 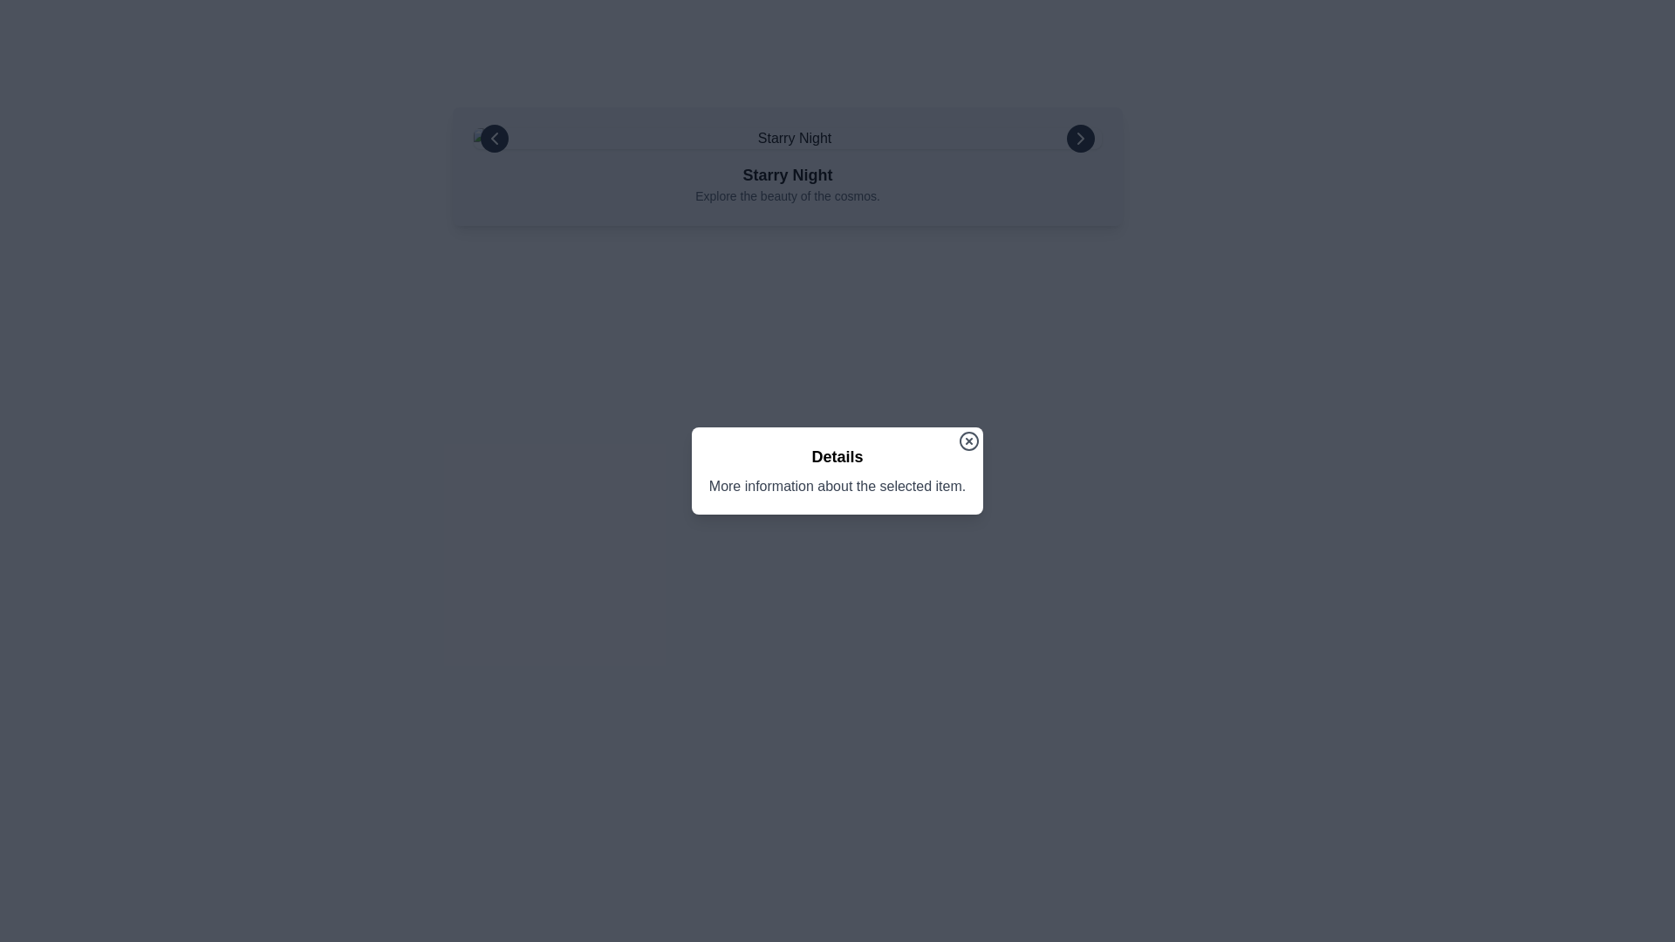 I want to click on the close button located at the top-right corner of the popup dialog box, so click(x=968, y=440).